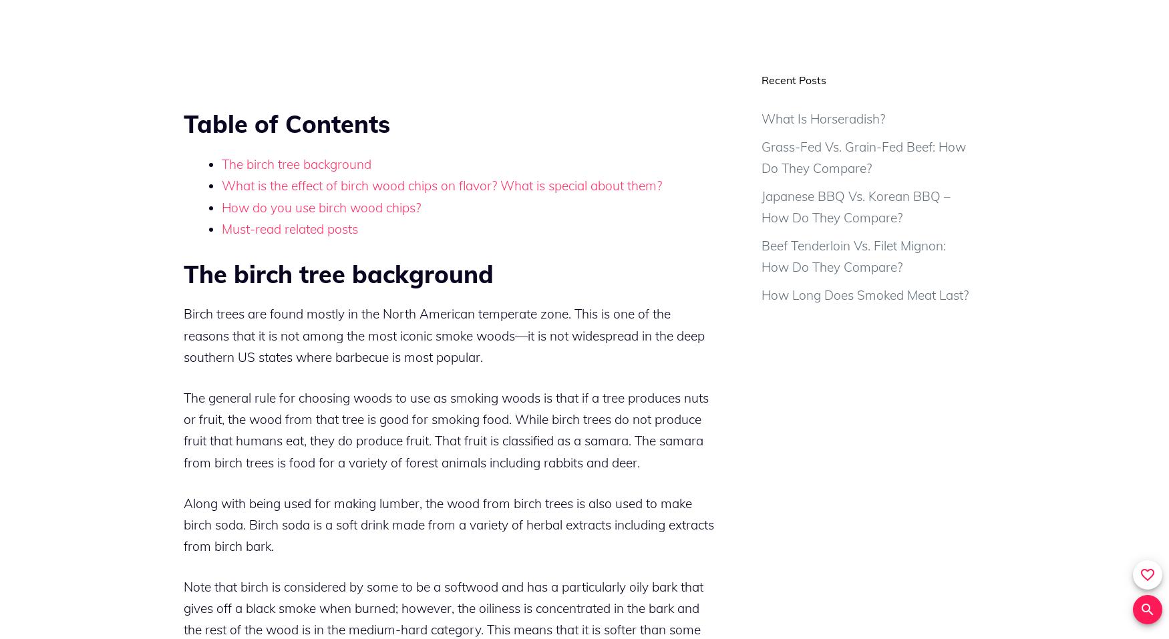  What do you see at coordinates (445, 429) in the screenshot?
I see `'The general rule for choosing woods to use as smoking woods is that if a tree produces nuts or fruit, the wood from that tree is good for smoking food. While birch trees do not produce fruit that humans eat, they do produce fruit. That fruit is classified as a samara. The samara from birch trees is food for a variety of forest animals including rabbits and deer.'` at bounding box center [445, 429].